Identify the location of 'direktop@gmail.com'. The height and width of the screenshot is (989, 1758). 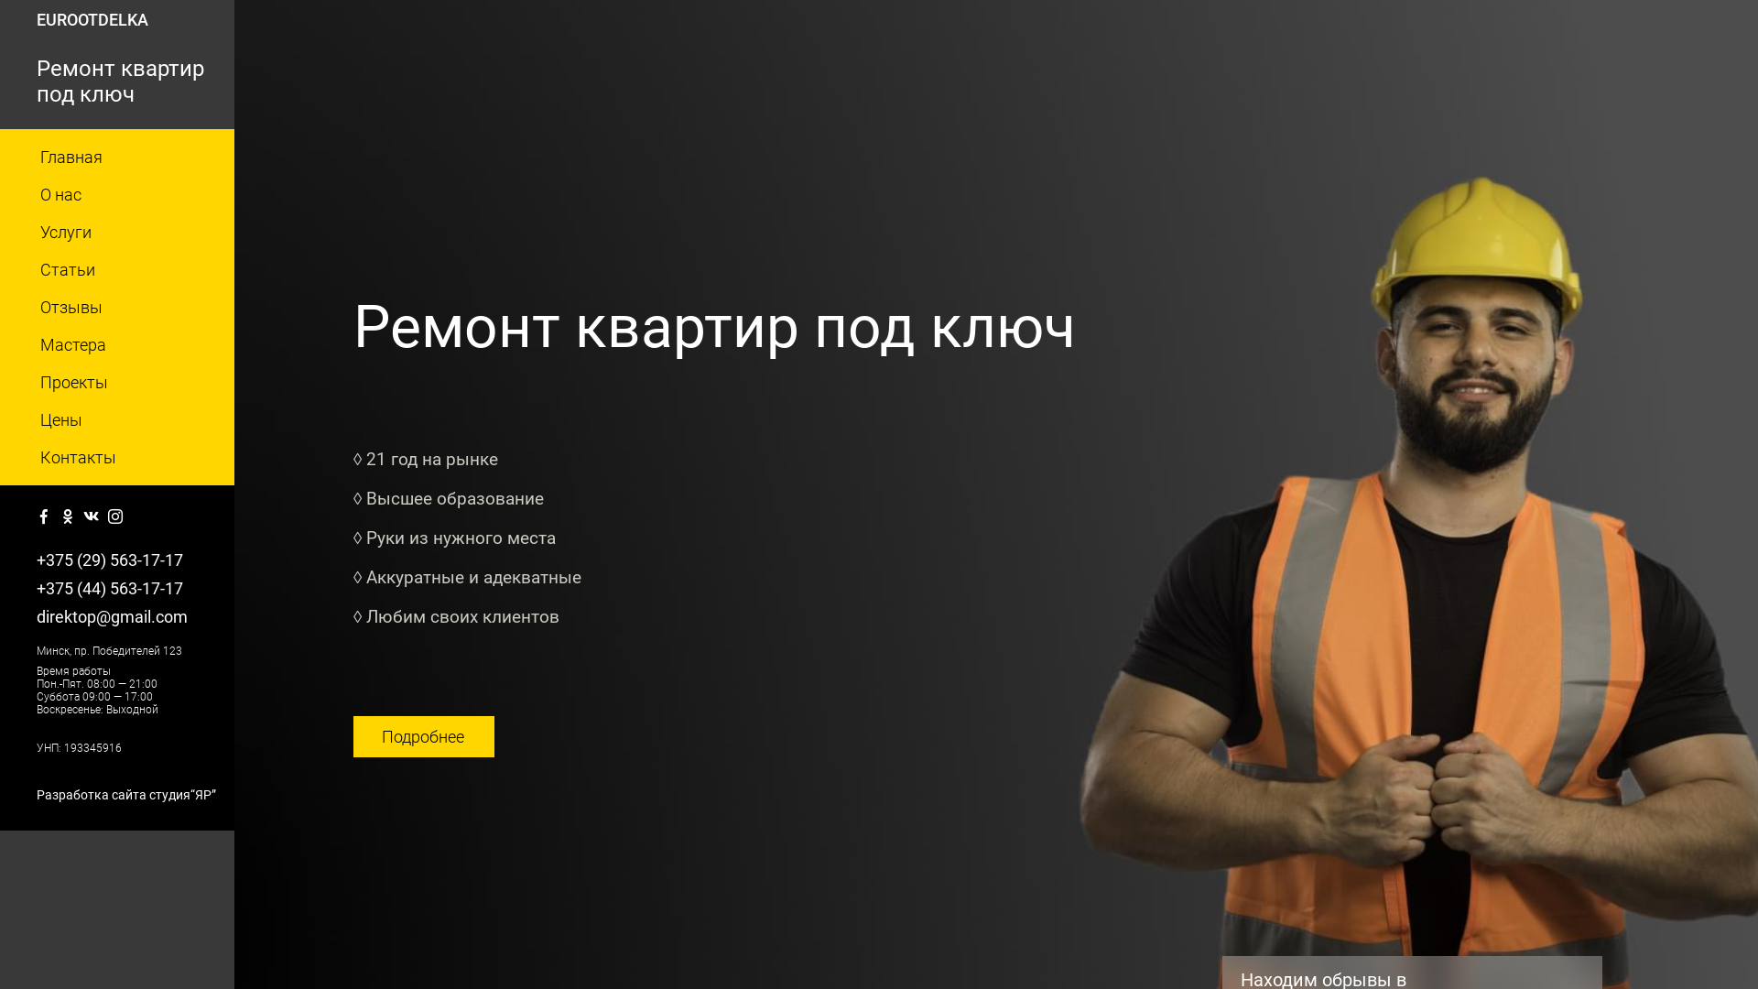
(127, 616).